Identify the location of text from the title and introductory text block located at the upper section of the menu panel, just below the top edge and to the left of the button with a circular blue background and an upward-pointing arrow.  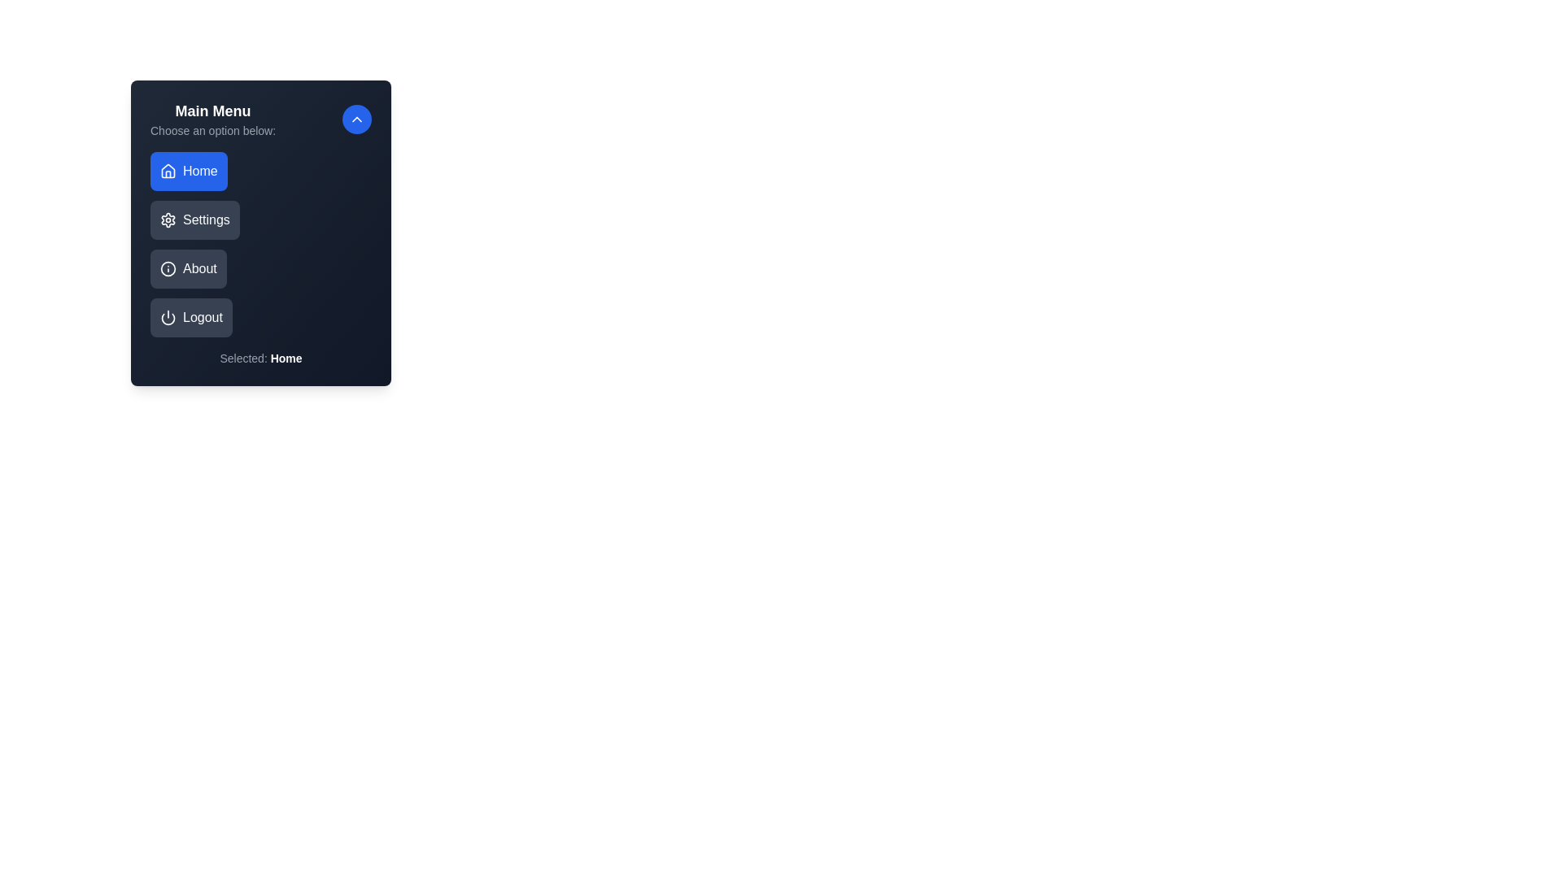
(212, 118).